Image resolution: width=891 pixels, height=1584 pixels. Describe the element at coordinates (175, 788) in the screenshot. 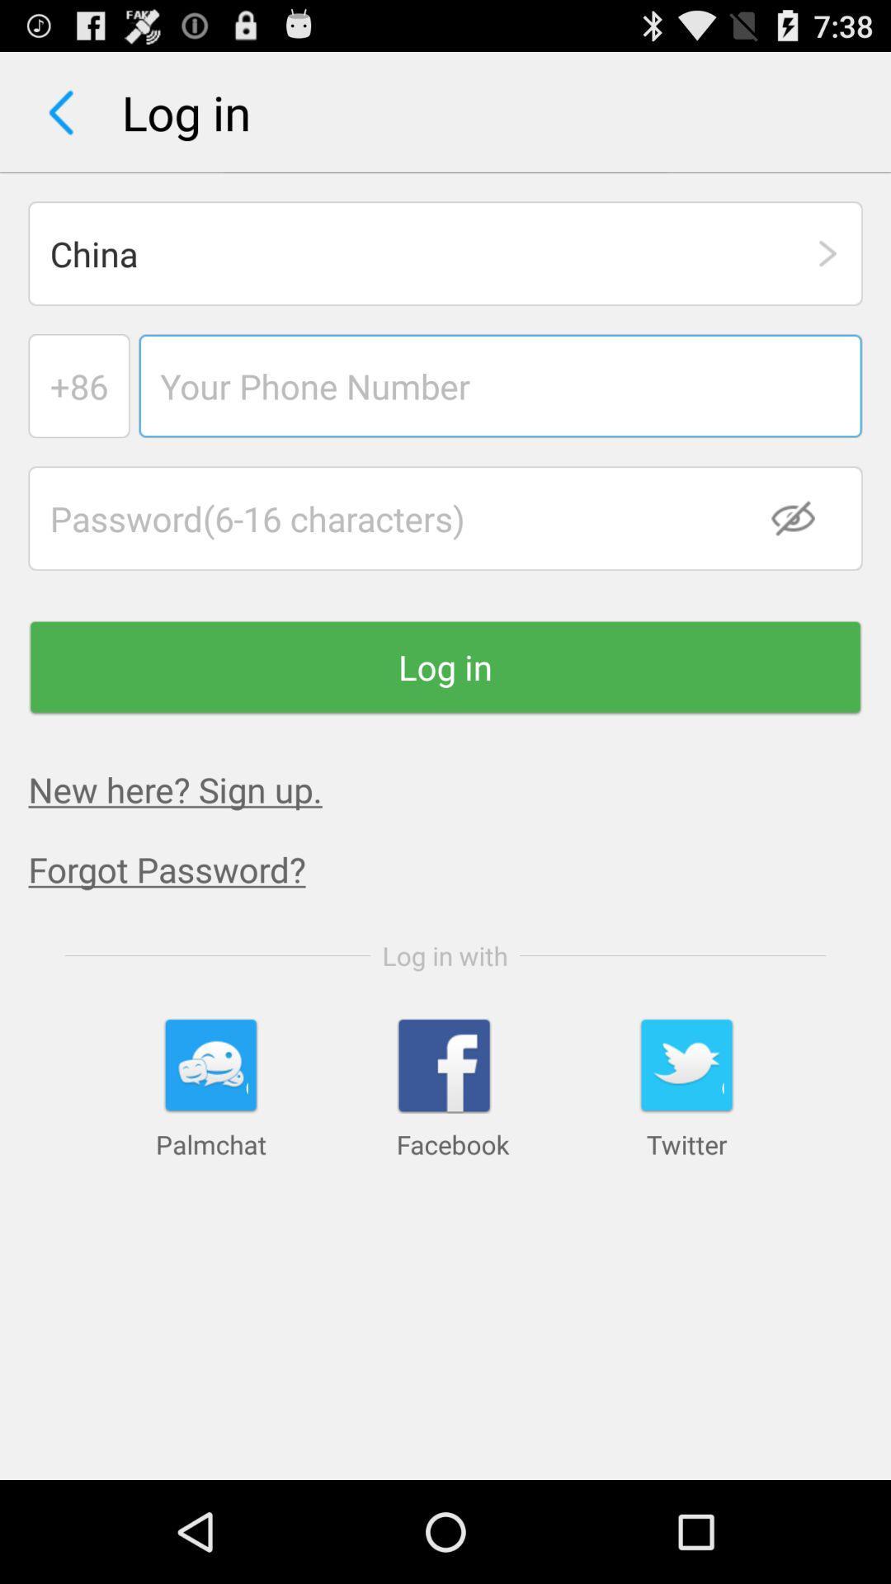

I see `new here sign item` at that location.